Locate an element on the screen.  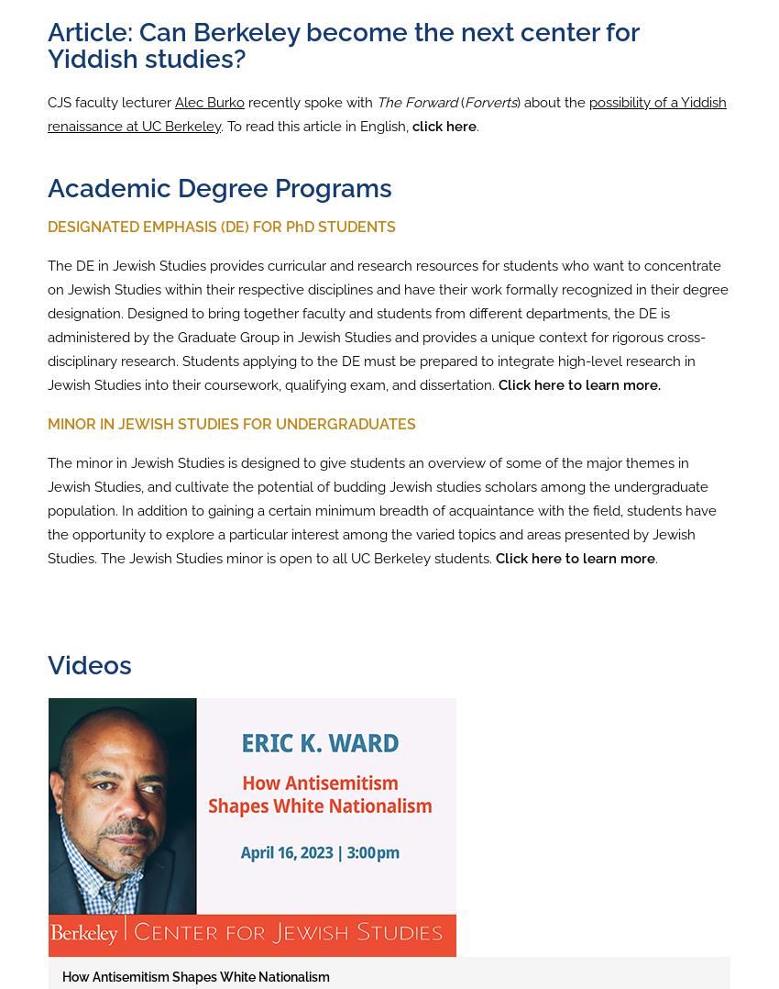
'MINOR IN JEWISH STUDIES FOR UNDERGRADUATES' is located at coordinates (231, 424).